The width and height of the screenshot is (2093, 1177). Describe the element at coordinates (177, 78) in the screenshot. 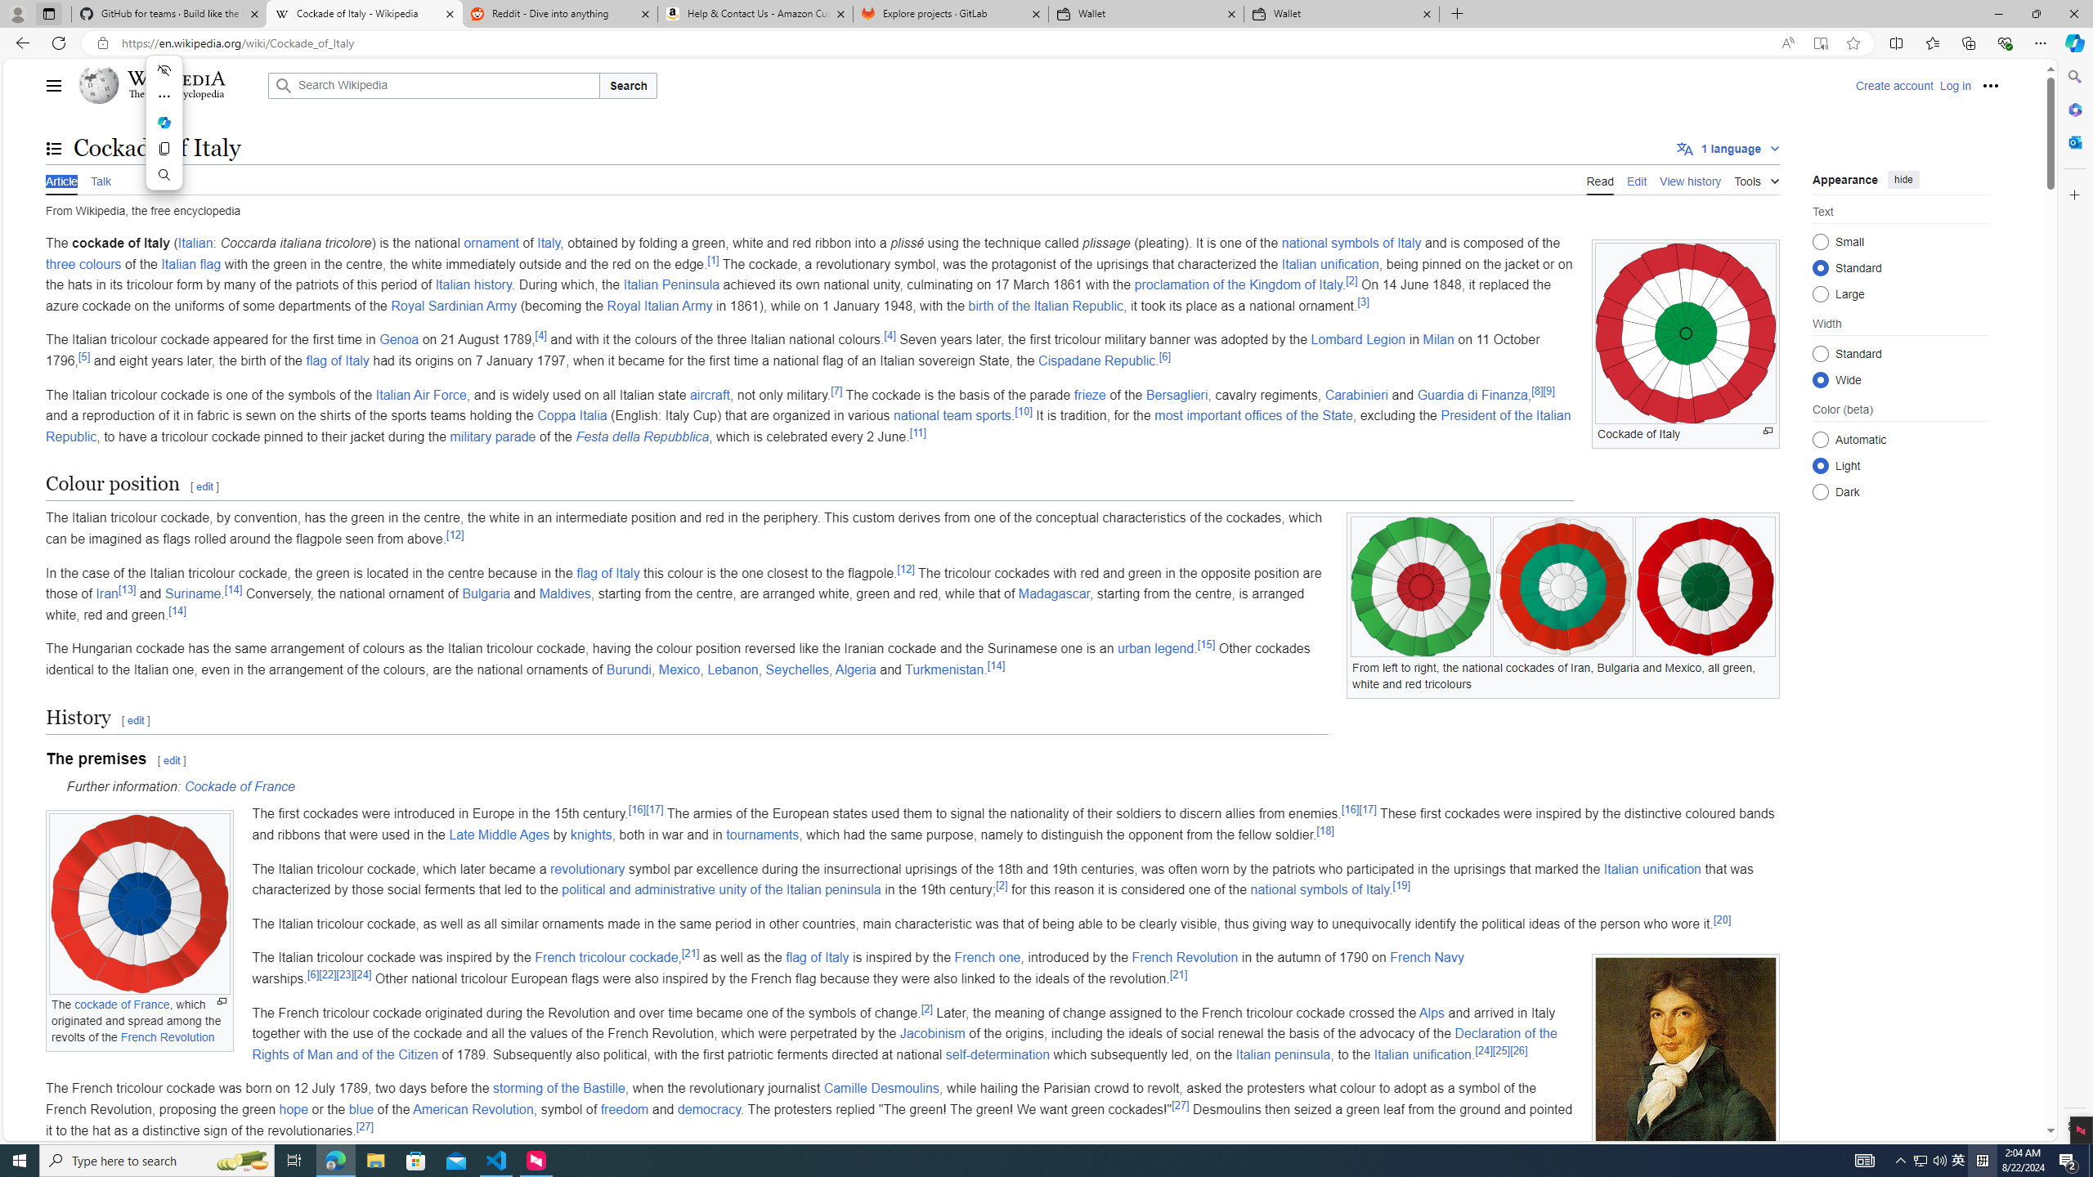

I see `'Wikipedia'` at that location.